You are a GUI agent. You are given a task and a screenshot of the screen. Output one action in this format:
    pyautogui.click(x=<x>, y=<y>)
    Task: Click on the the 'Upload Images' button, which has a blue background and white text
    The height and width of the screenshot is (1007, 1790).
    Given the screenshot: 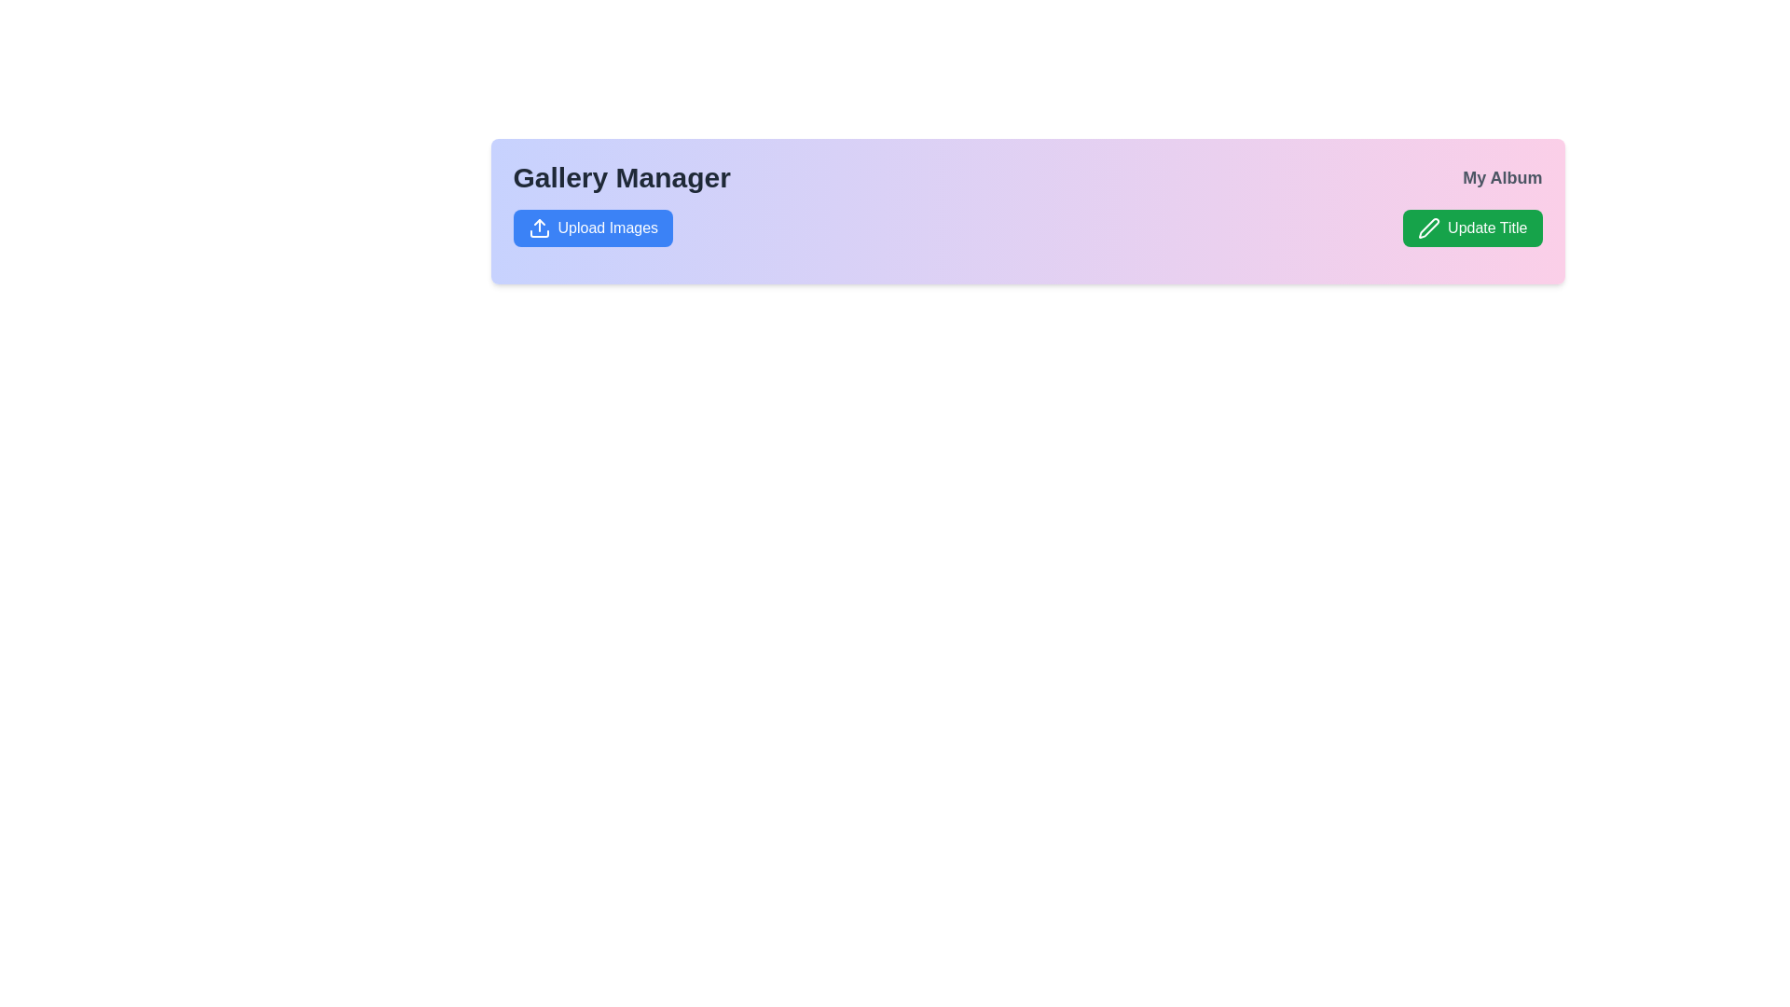 What is the action you would take?
    pyautogui.click(x=592, y=228)
    